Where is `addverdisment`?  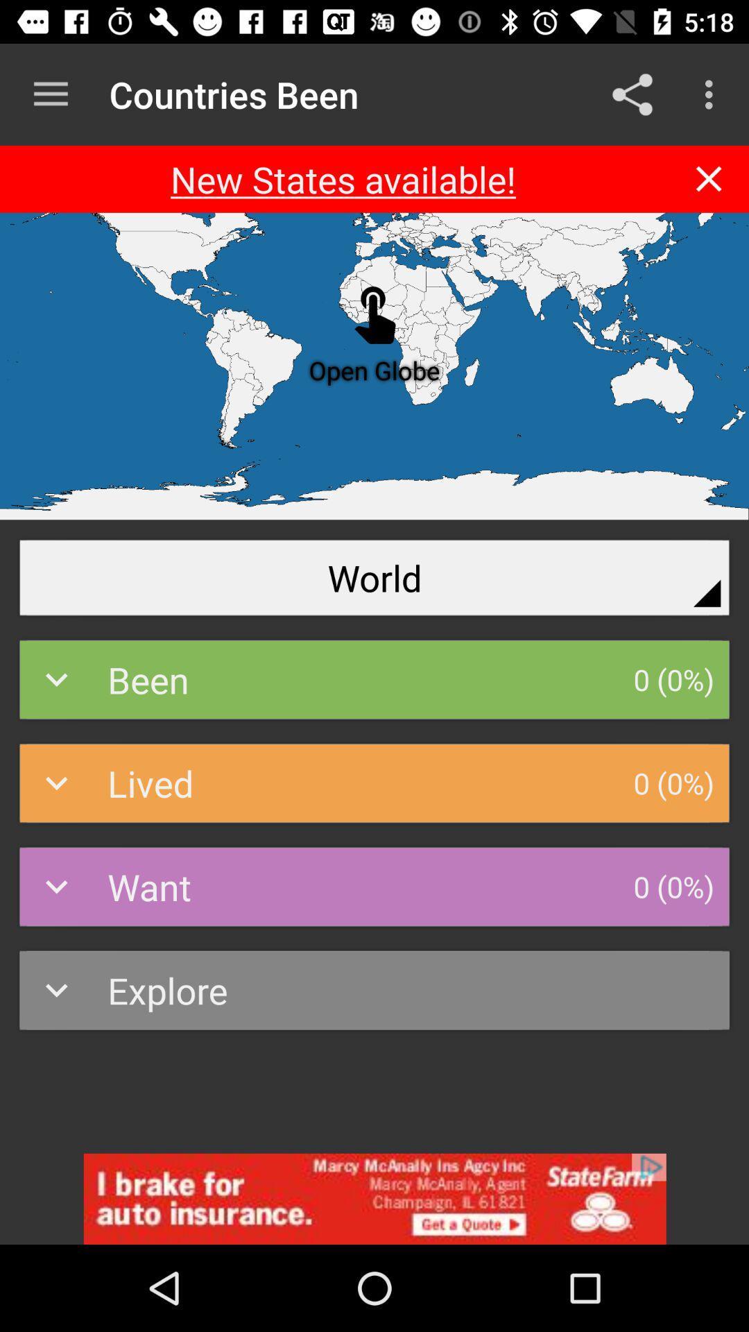 addverdisment is located at coordinates (374, 1198).